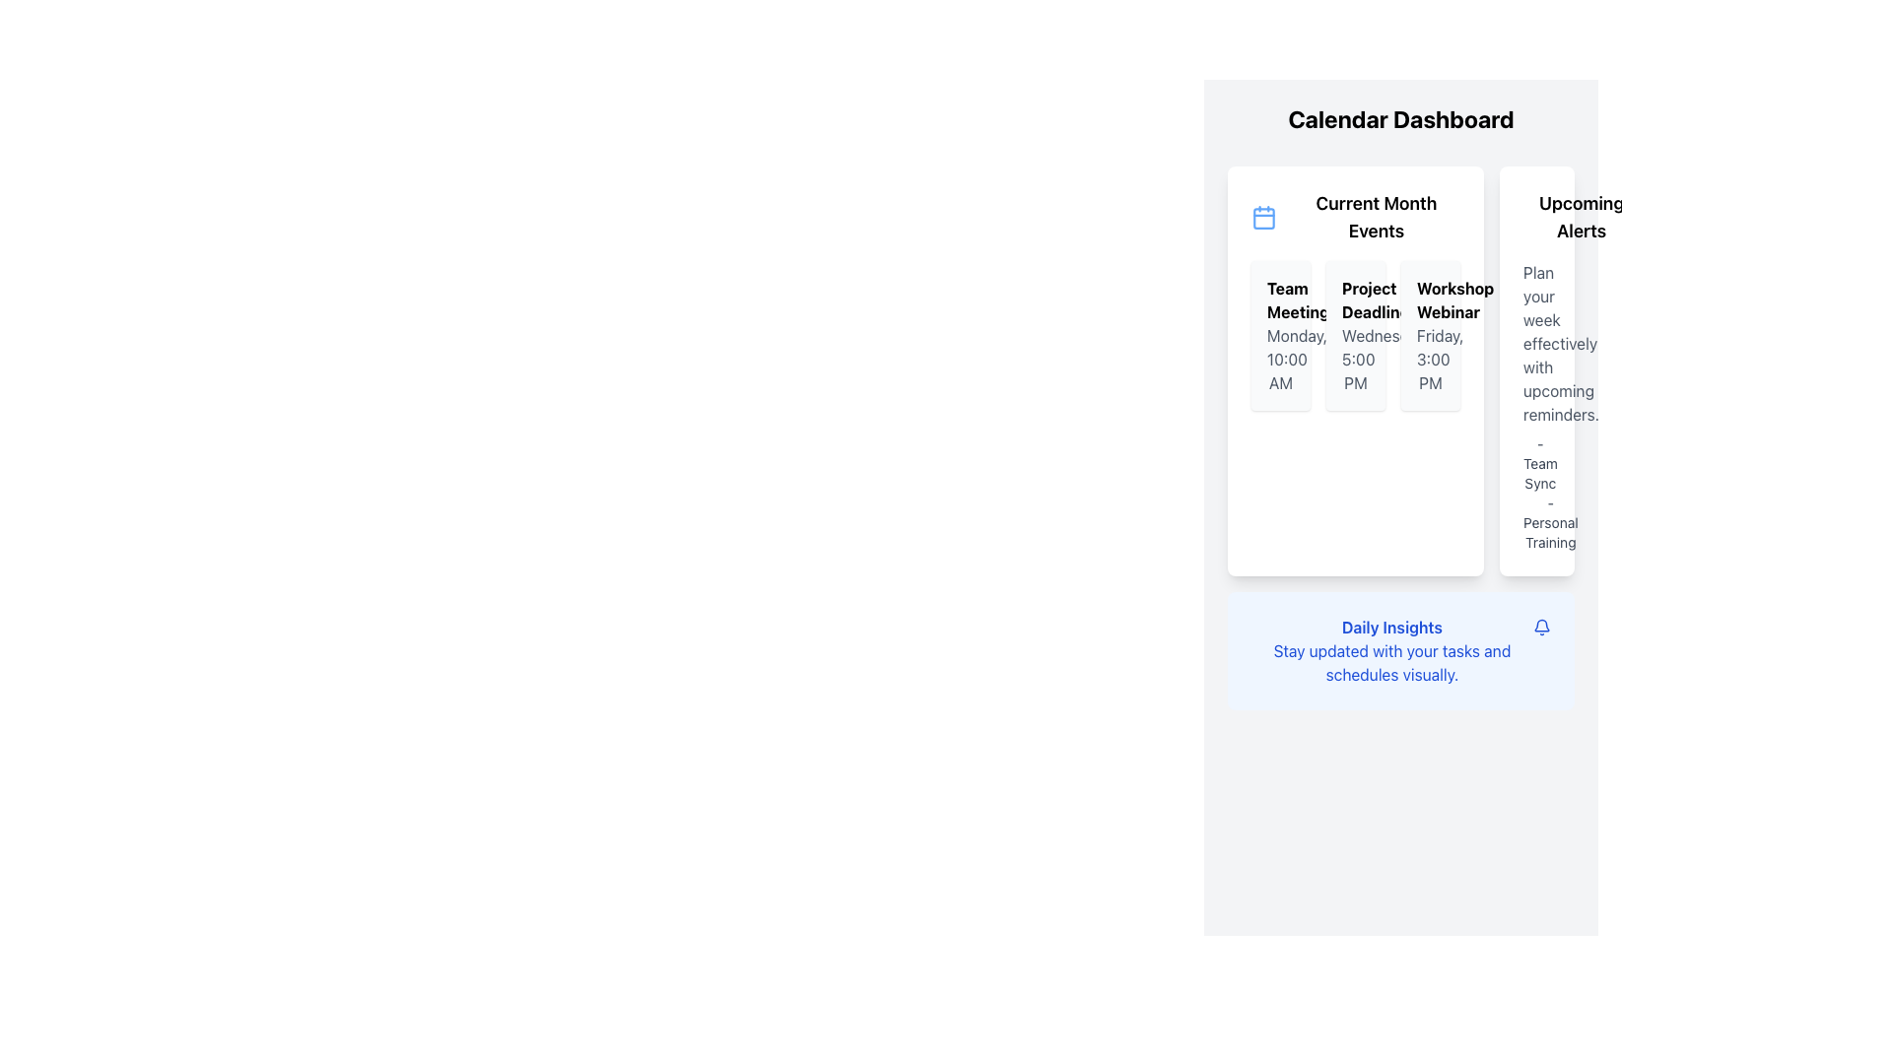  I want to click on the graphical circle element located near the top of the 'Upcoming Alerts' section, which is part of the clock icon, so click(1534, 216).